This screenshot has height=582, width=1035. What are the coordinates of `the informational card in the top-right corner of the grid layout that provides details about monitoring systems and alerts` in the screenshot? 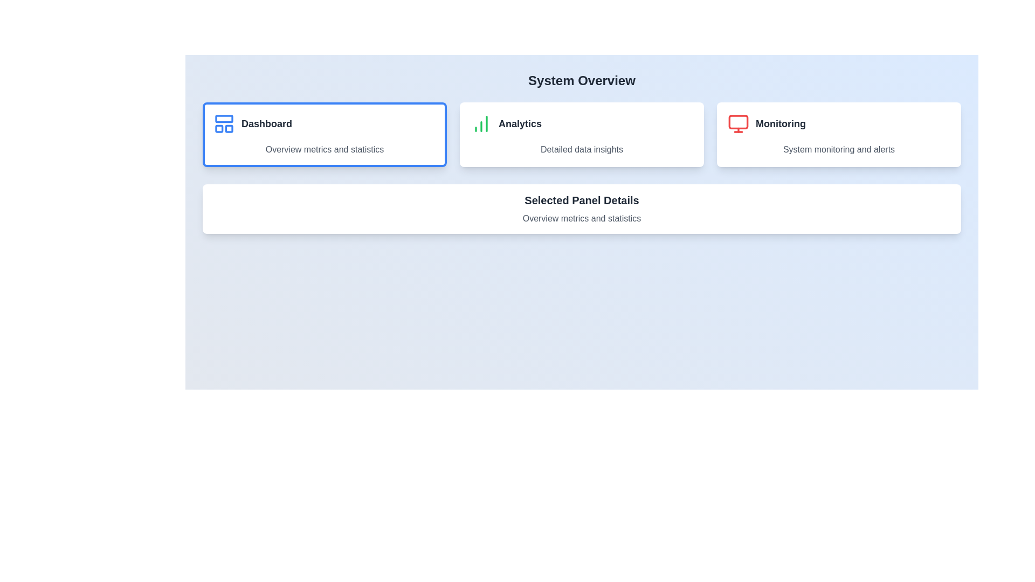 It's located at (838, 134).